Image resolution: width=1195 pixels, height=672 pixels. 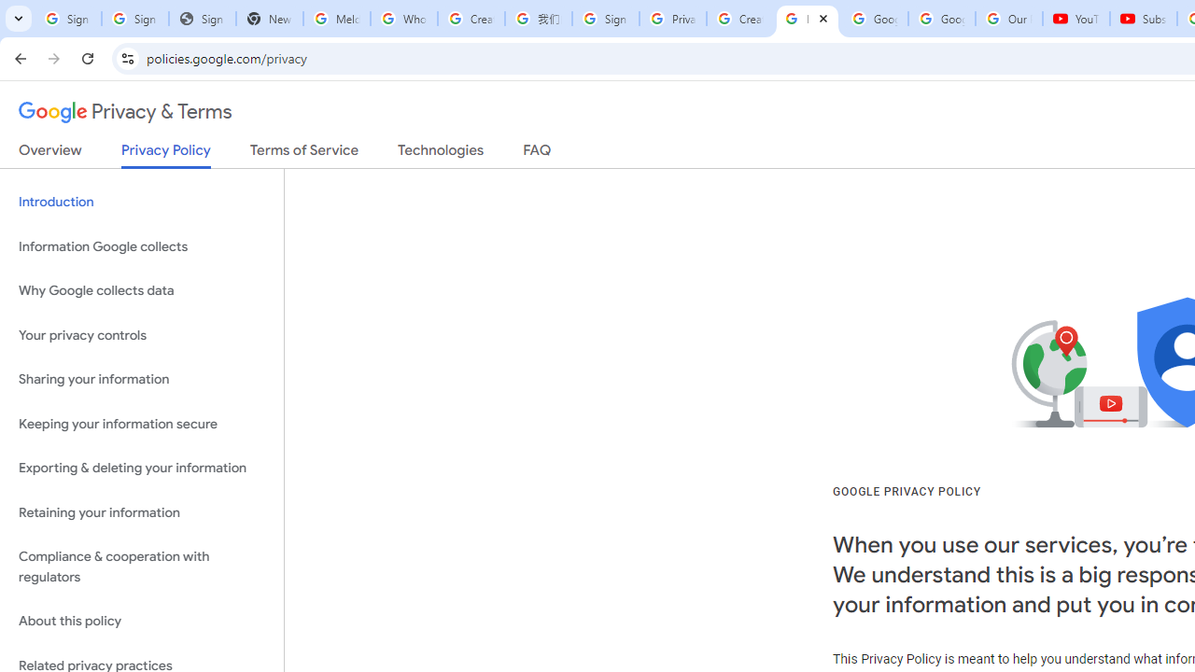 I want to click on 'Information Google collects', so click(x=141, y=245).